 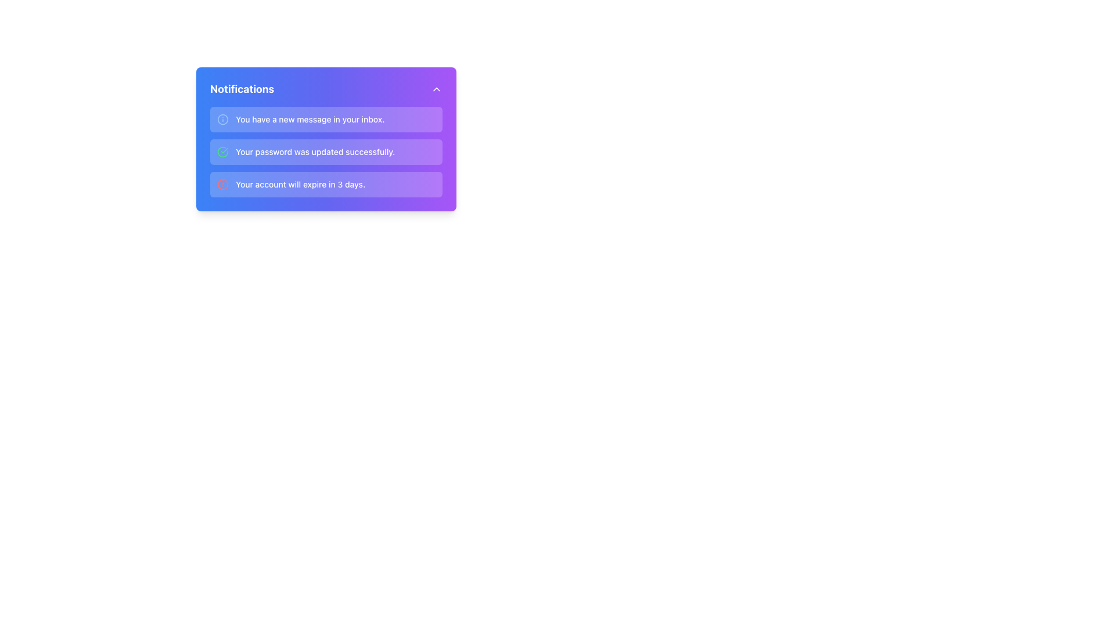 What do you see at coordinates (315, 152) in the screenshot?
I see `confirmation message displayed in the center of the second notification card, which indicates the successful update of the user's password` at bounding box center [315, 152].